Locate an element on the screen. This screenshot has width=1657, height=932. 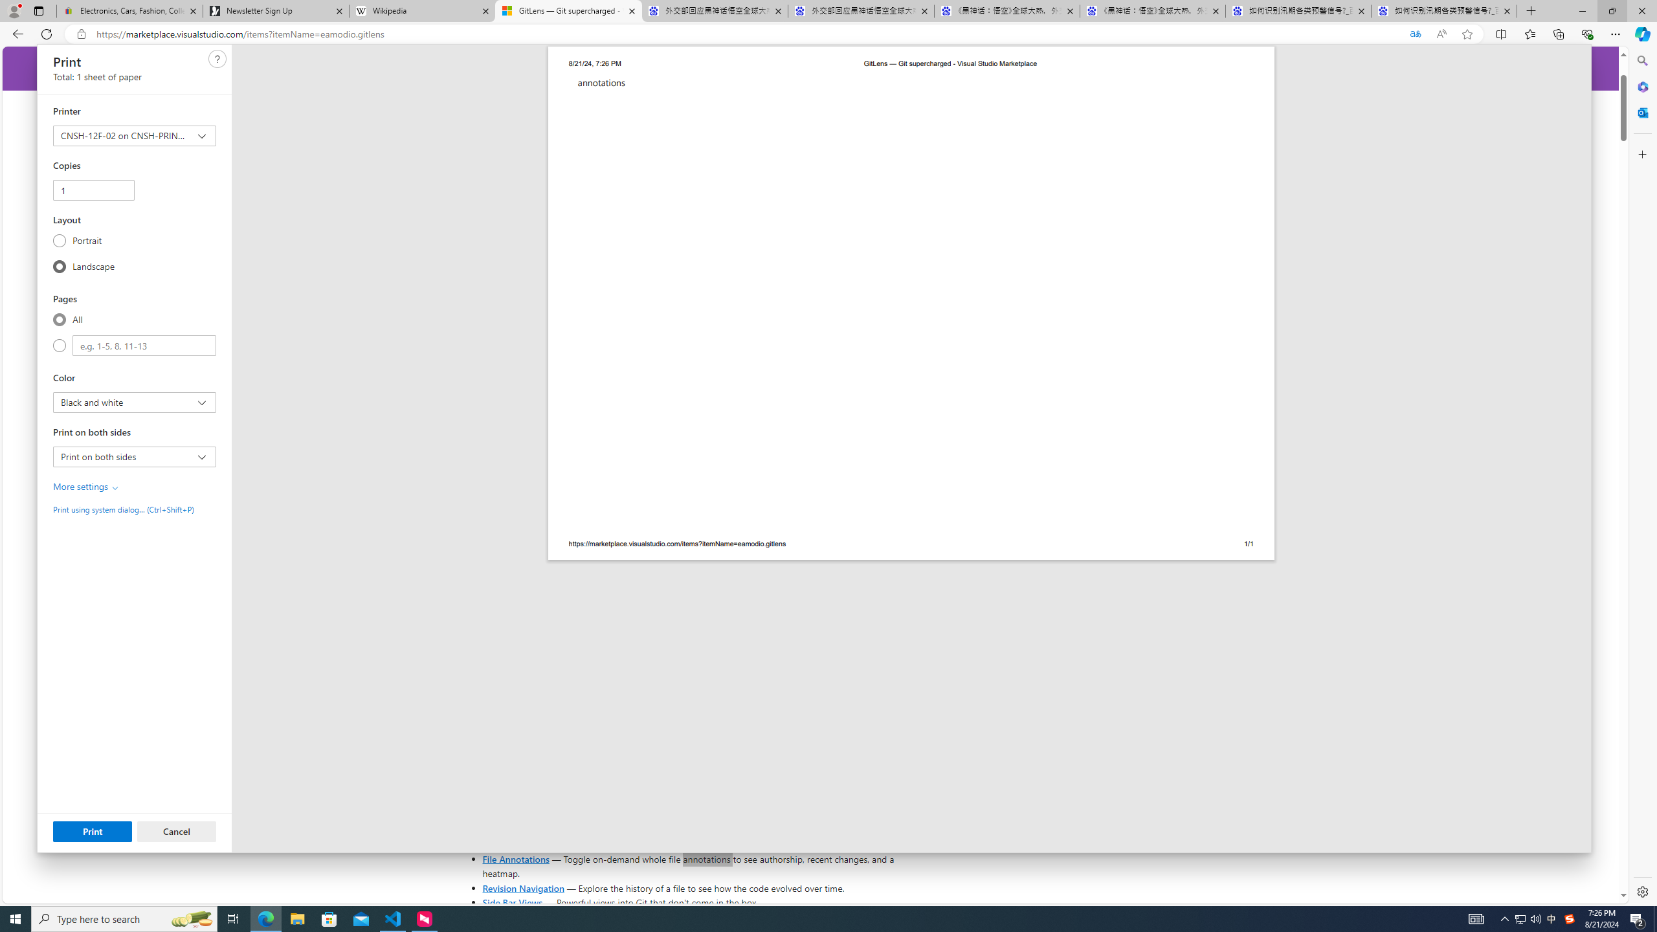
'All' is located at coordinates (59, 319).